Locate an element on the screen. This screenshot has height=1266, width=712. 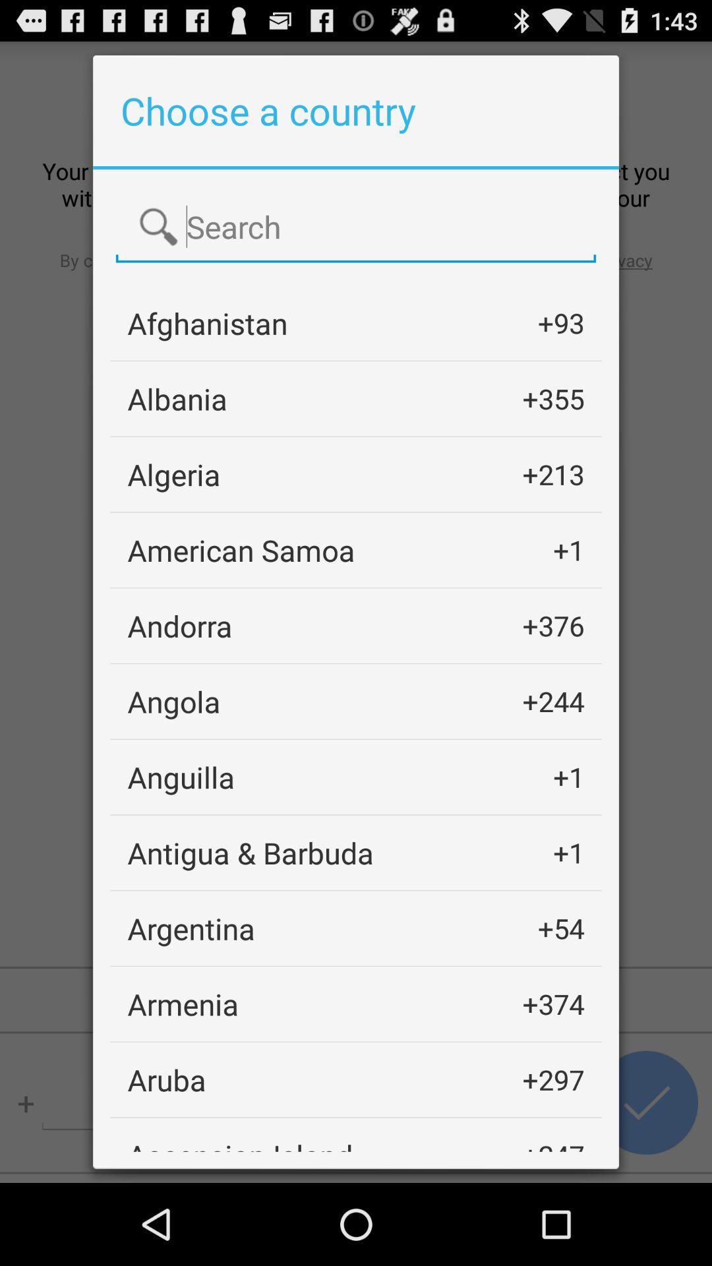
item above the armenia item is located at coordinates (191, 928).